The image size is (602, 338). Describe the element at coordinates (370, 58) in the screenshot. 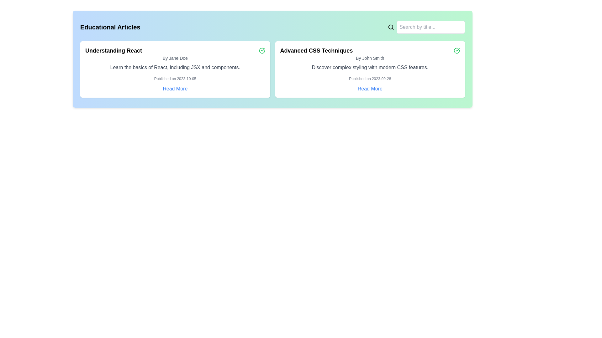

I see `text displayed in the author's name label, located within the article card for 'Advanced CSS Techniques', centered below the title and above the main description` at that location.